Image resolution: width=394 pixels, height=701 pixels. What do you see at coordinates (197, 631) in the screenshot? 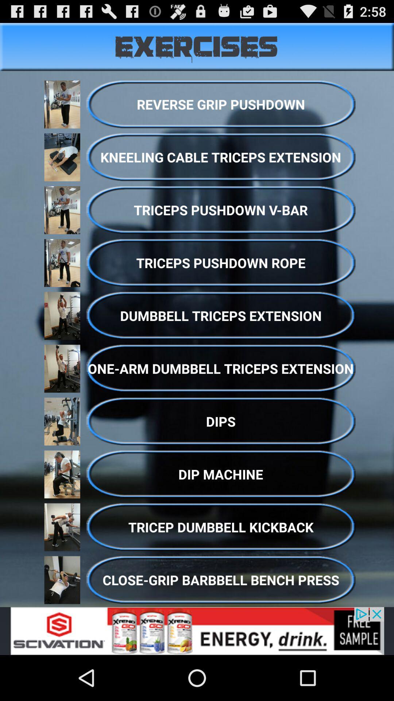
I see `advertisement` at bounding box center [197, 631].